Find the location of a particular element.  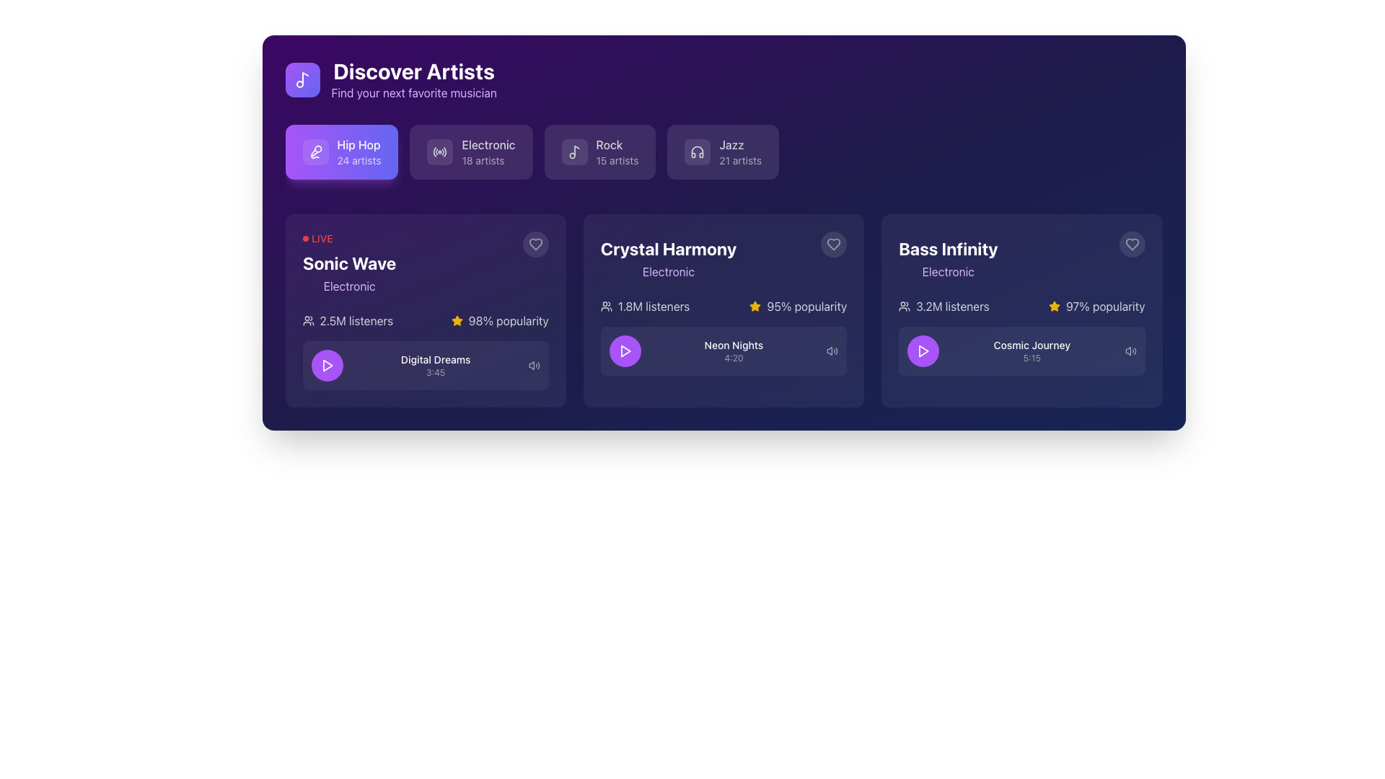

the text label displaying '1.8M listeners' in white font, located within the 'Crystal Harmony' card, to the left of the '95% popularity' statistic and under the 'Electronic' genre label is located at coordinates (653, 305).